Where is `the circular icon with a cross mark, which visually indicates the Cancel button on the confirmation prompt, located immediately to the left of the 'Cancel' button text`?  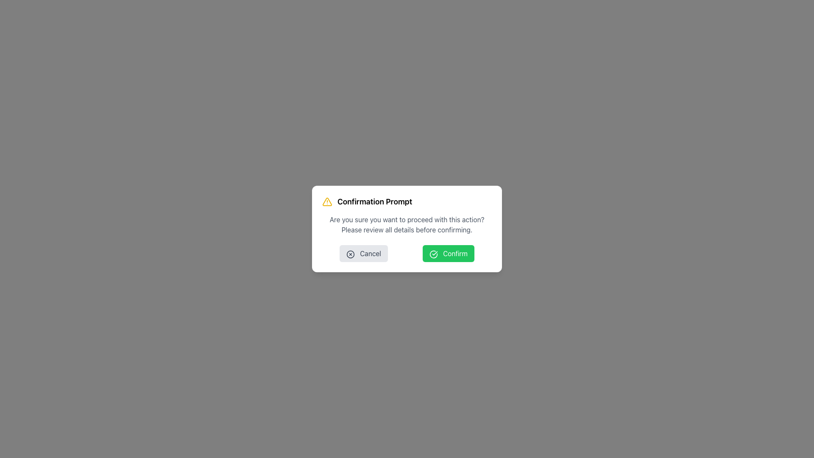
the circular icon with a cross mark, which visually indicates the Cancel button on the confirmation prompt, located immediately to the left of the 'Cancel' button text is located at coordinates (350, 254).